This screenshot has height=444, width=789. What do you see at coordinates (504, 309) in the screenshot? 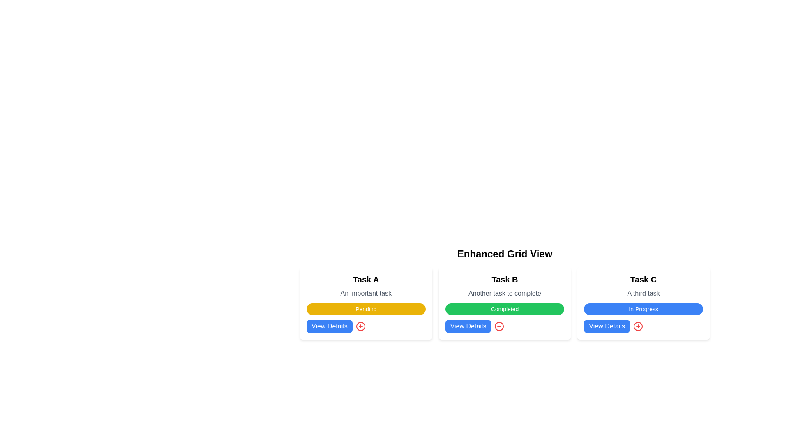
I see `the non-interactive status indicator button for Task B, which shows that the task is completed, located between the description text 'Another task to complete' and the 'View Details' controls` at bounding box center [504, 309].